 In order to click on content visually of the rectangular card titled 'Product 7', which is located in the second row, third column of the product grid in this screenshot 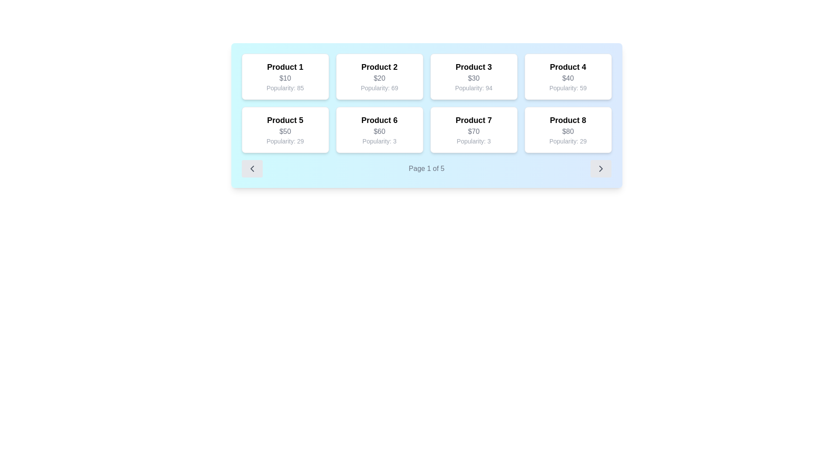, I will do `click(473, 130)`.